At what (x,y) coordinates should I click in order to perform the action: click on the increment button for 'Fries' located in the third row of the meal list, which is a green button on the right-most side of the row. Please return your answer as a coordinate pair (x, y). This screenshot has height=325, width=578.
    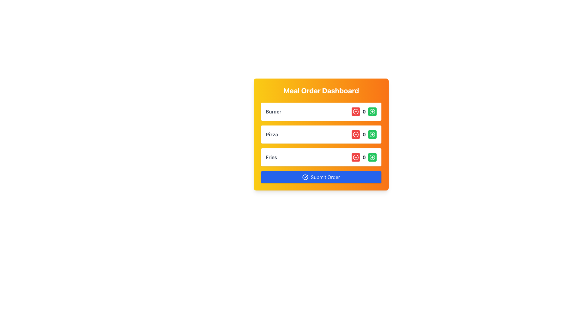
    Looking at the image, I should click on (372, 157).